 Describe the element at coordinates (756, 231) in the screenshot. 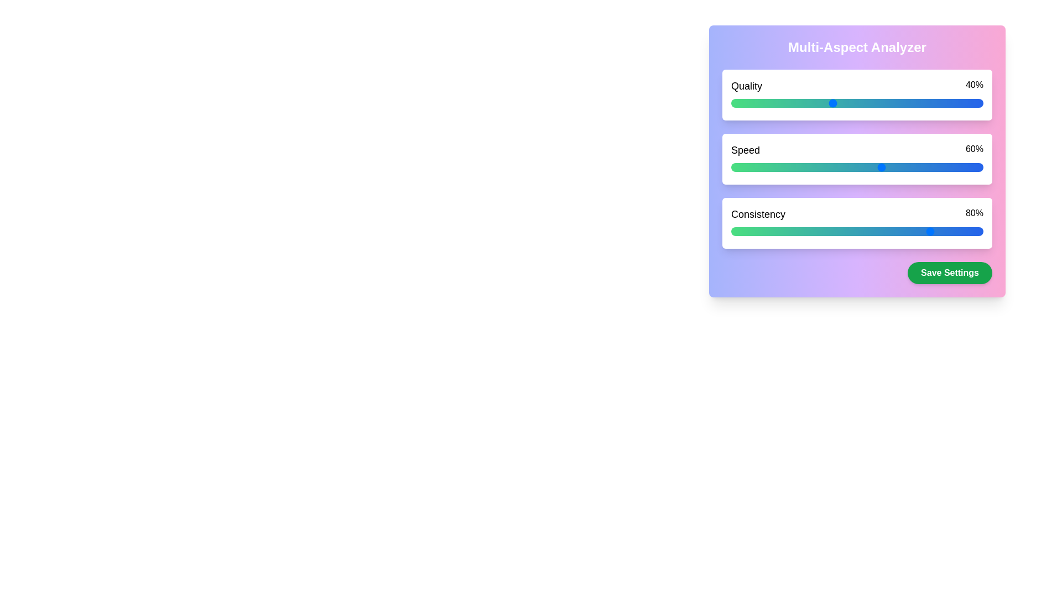

I see `the slider value` at that location.